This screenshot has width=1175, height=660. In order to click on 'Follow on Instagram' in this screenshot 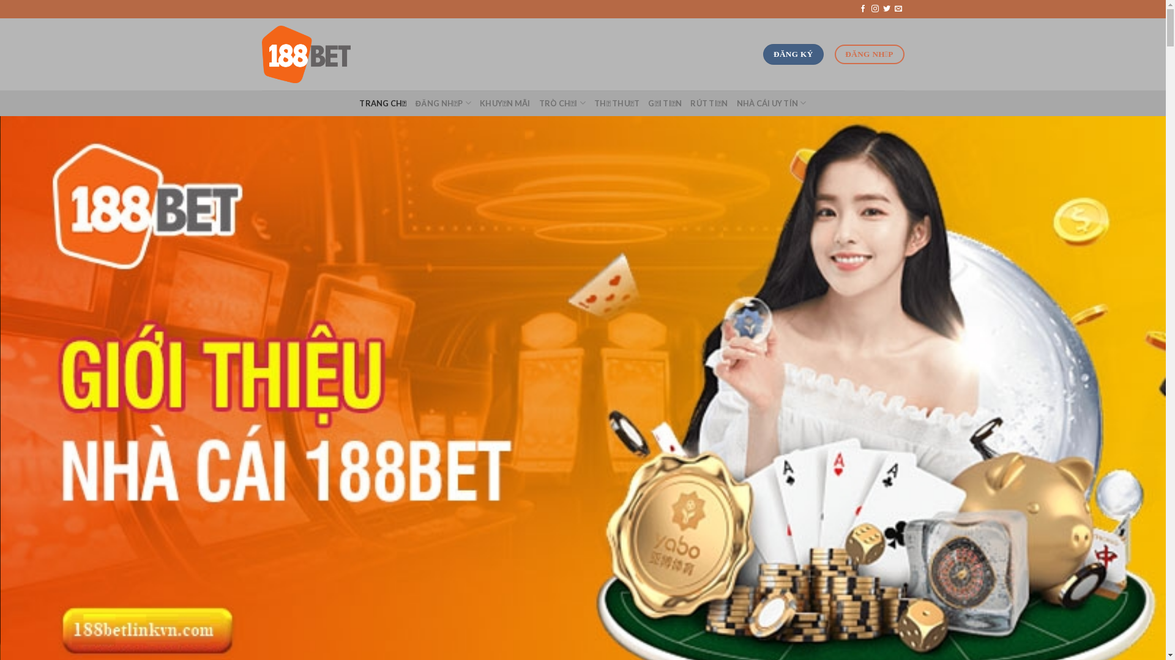, I will do `click(875, 9)`.